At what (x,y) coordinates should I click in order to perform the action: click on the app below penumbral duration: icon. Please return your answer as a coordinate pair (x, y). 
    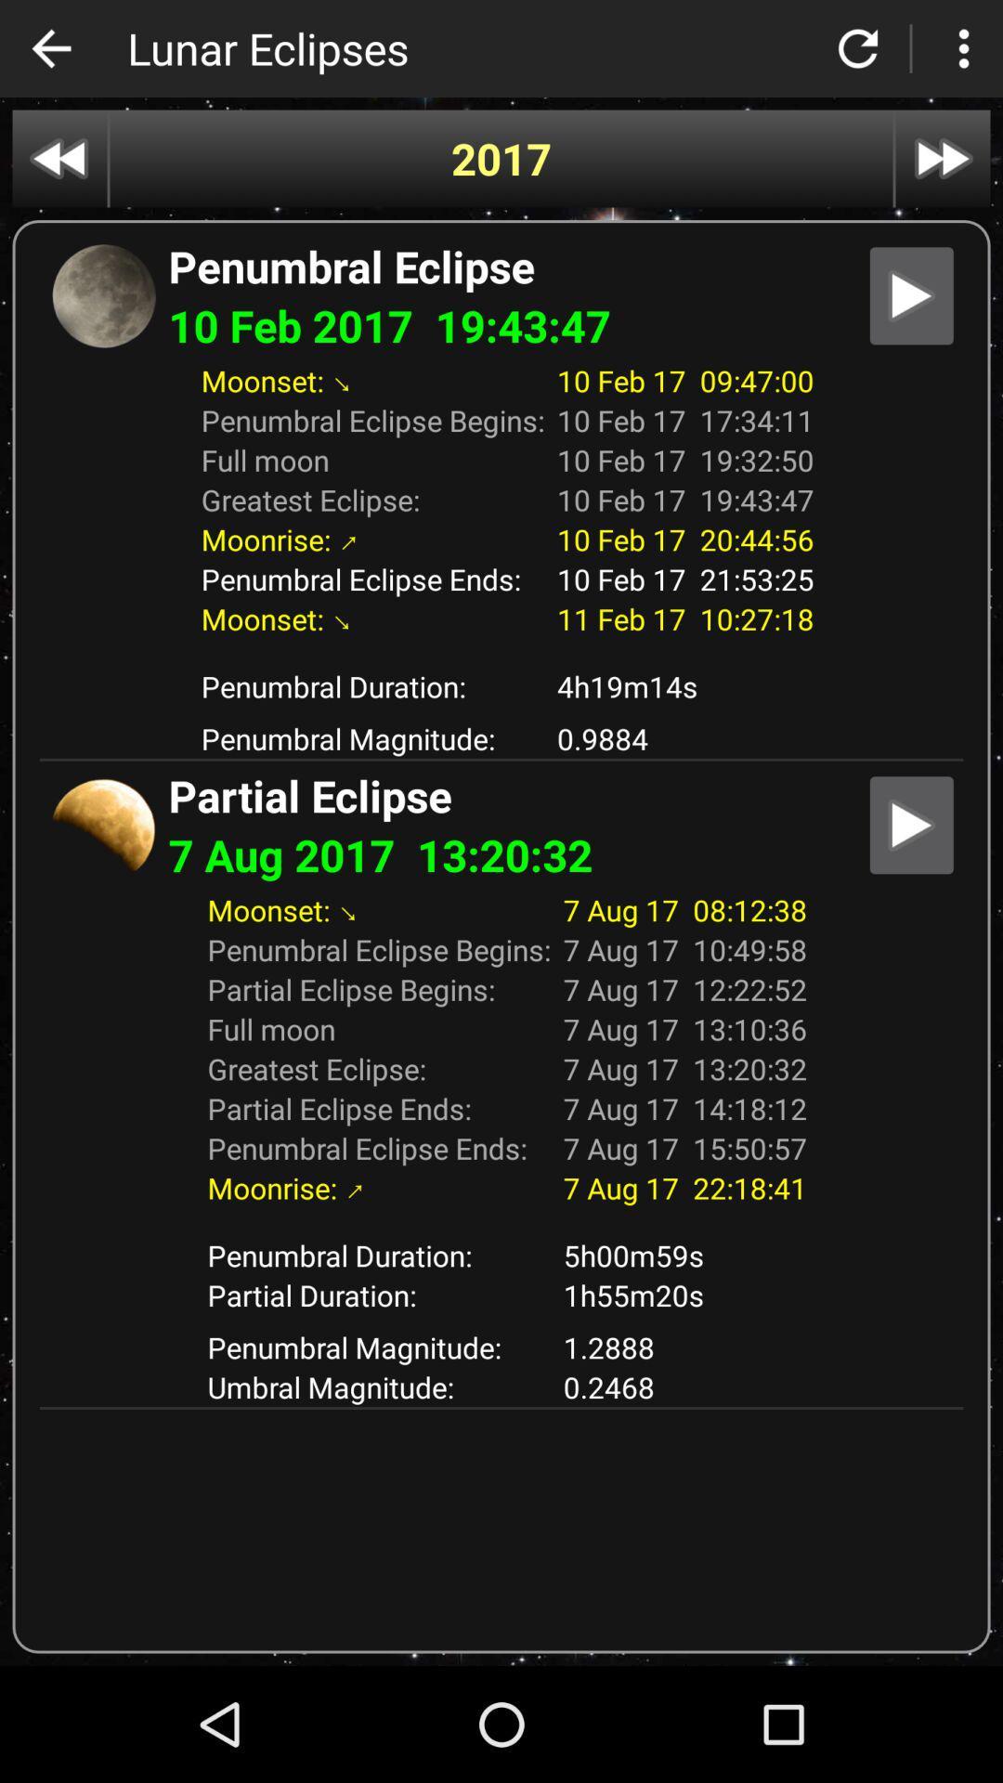
    Looking at the image, I should click on (684, 1294).